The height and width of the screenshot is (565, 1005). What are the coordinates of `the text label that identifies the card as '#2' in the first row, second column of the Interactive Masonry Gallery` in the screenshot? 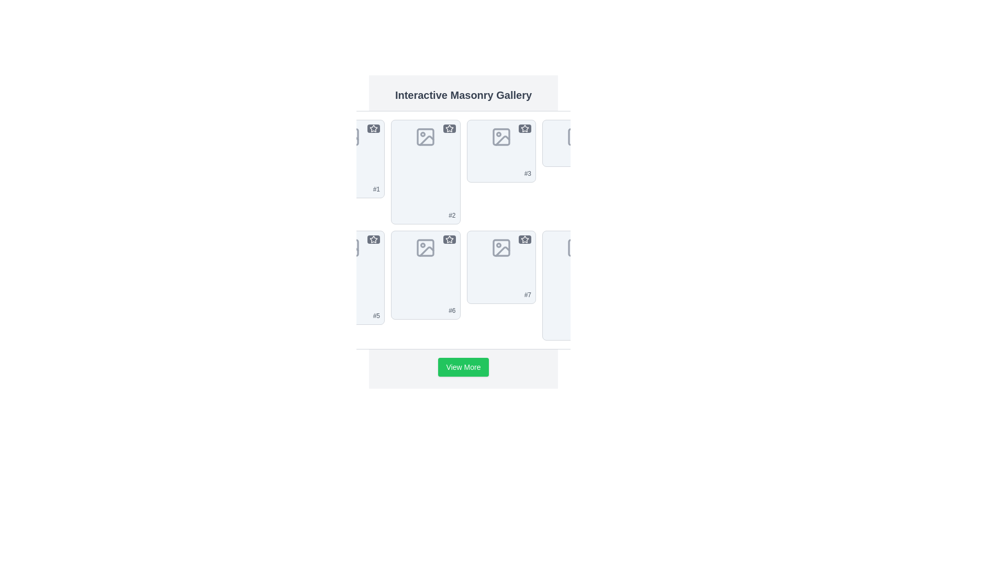 It's located at (452, 215).